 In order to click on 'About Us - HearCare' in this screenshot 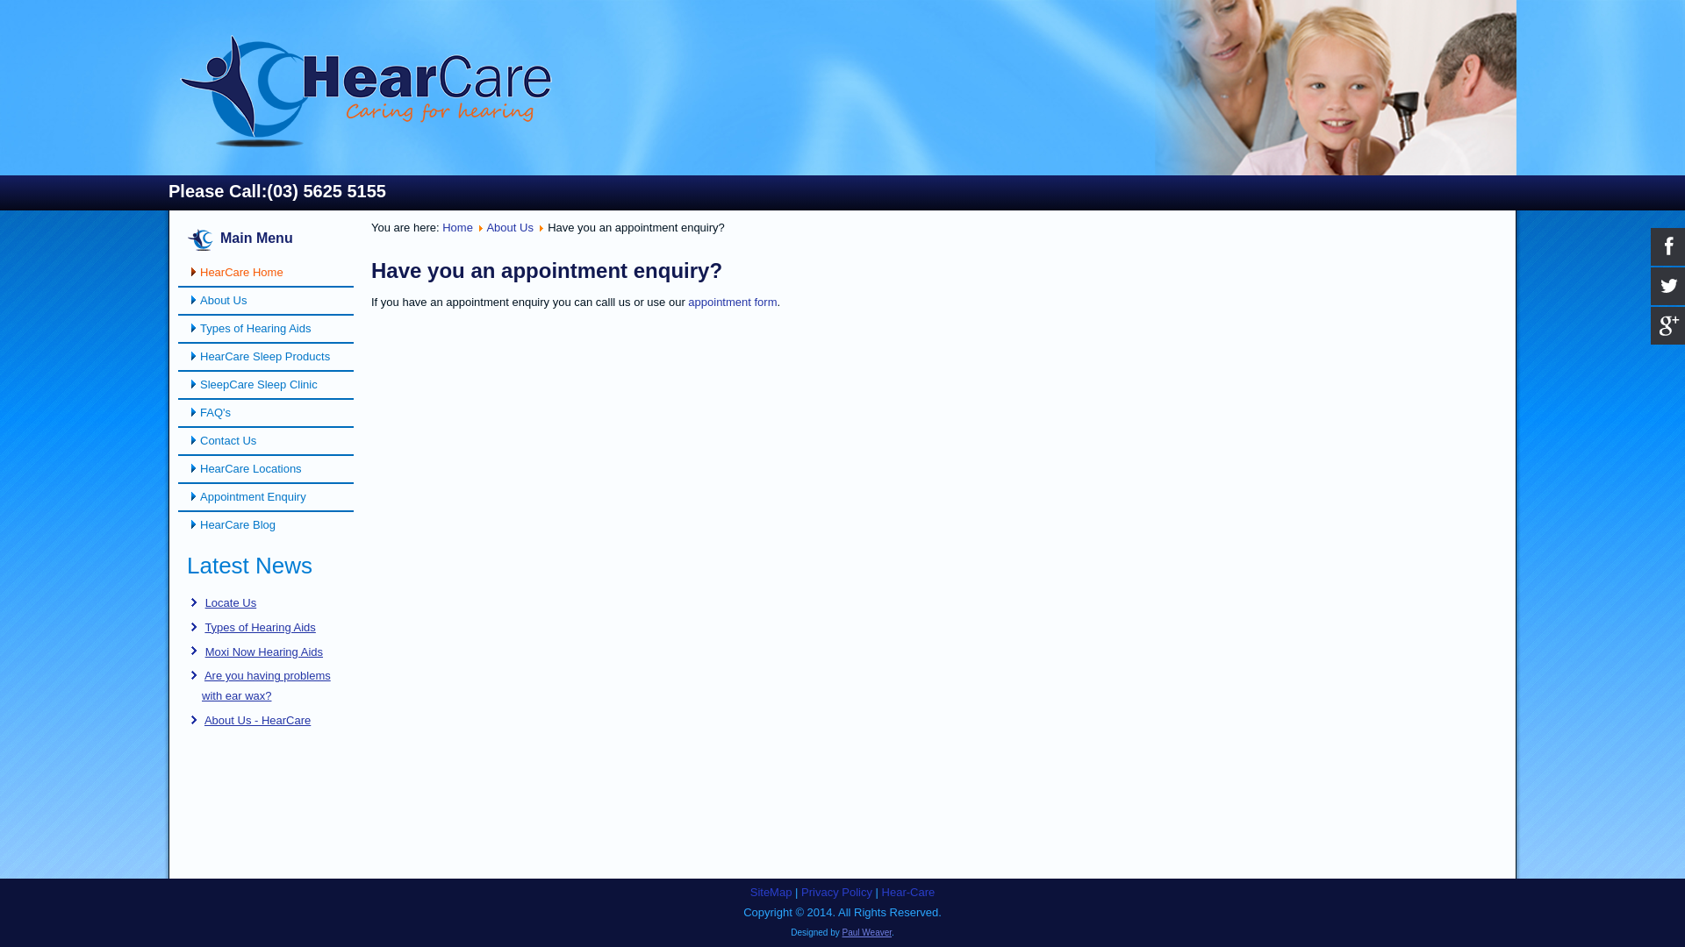, I will do `click(256, 720)`.